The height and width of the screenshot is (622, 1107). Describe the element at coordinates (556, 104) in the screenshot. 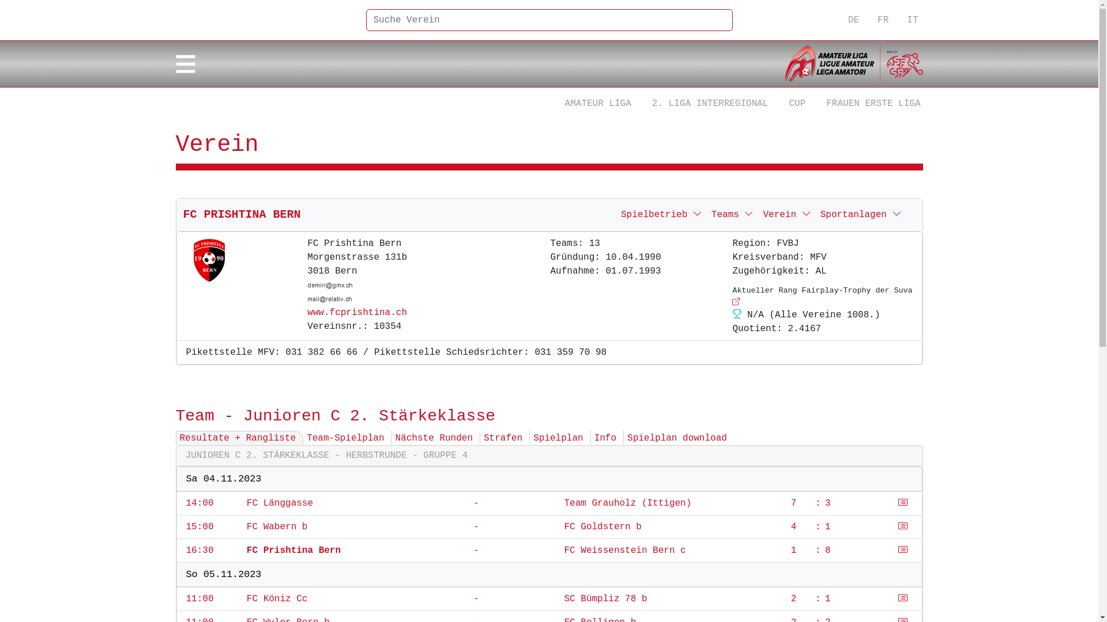

I see `'AMATEUR LIGA'` at that location.